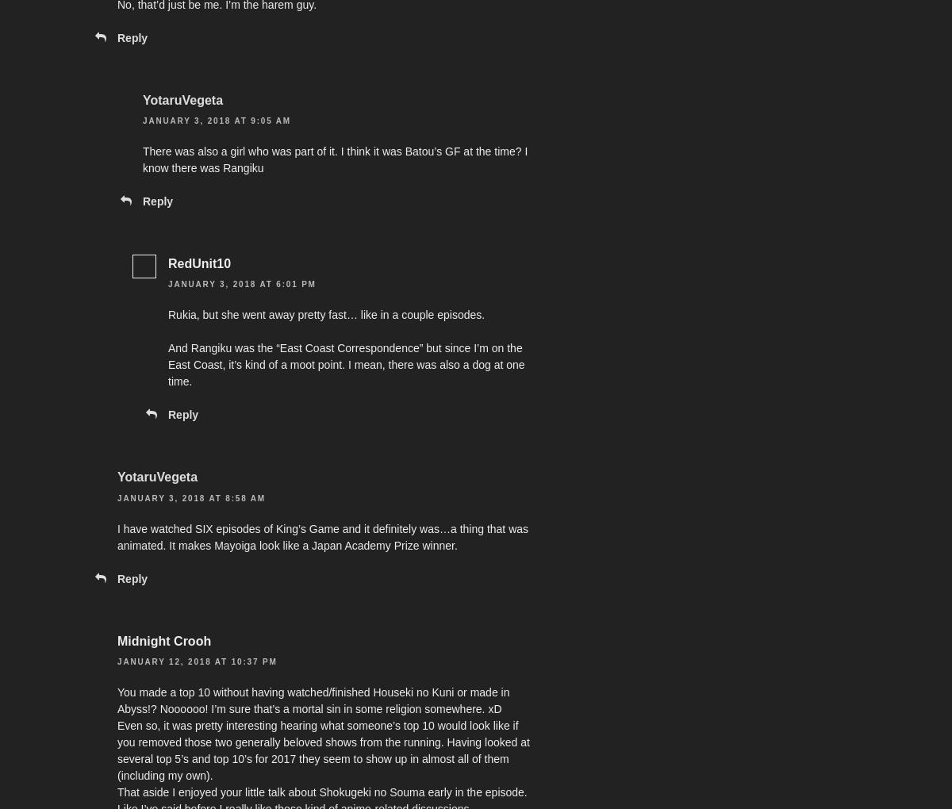 Image resolution: width=952 pixels, height=809 pixels. I want to click on 'And Rangiku was the “East Coast Correspondence” but since I’m on the East Coast, it’s kind of a moot point. I mean, there was also a dog at one time.', so click(346, 364).